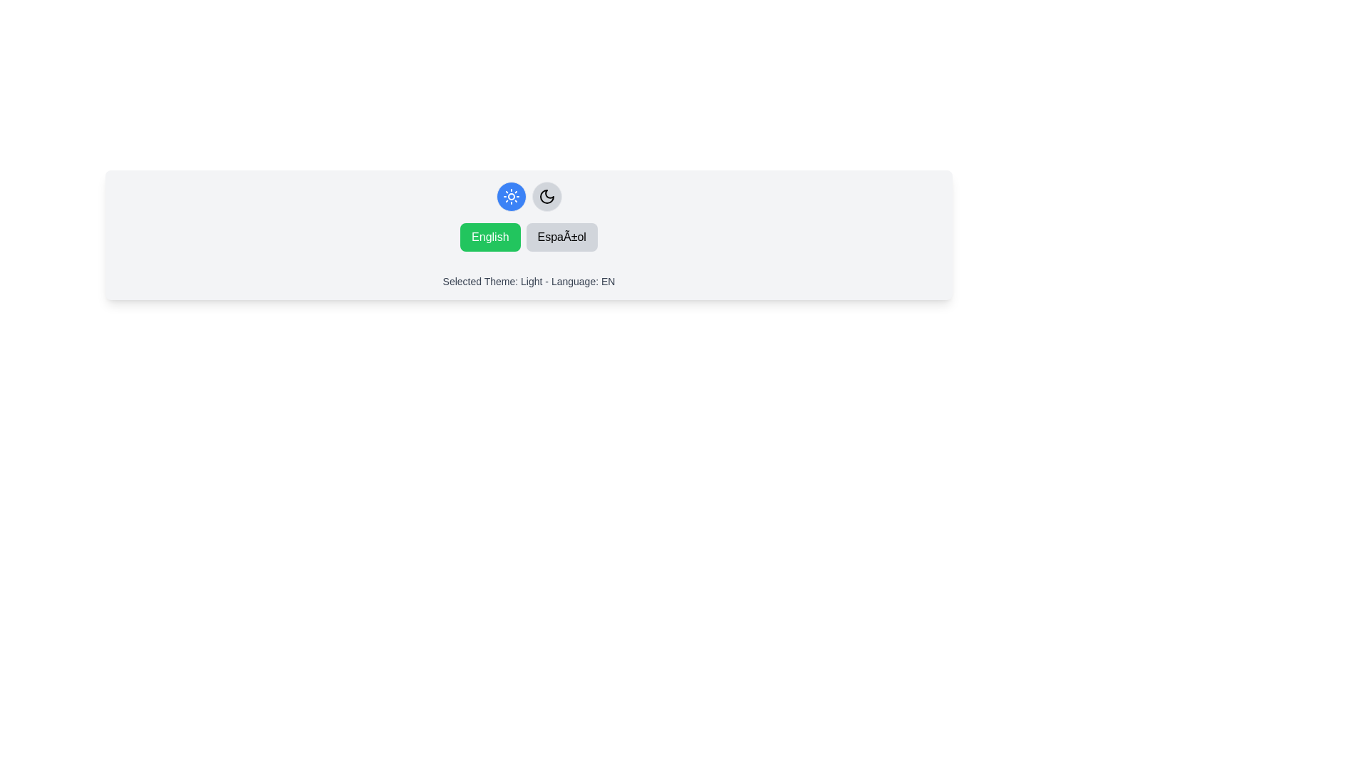 The width and height of the screenshot is (1368, 770). What do you see at coordinates (546, 197) in the screenshot?
I see `the circular button with a light gray background and a black crescent moon icon` at bounding box center [546, 197].